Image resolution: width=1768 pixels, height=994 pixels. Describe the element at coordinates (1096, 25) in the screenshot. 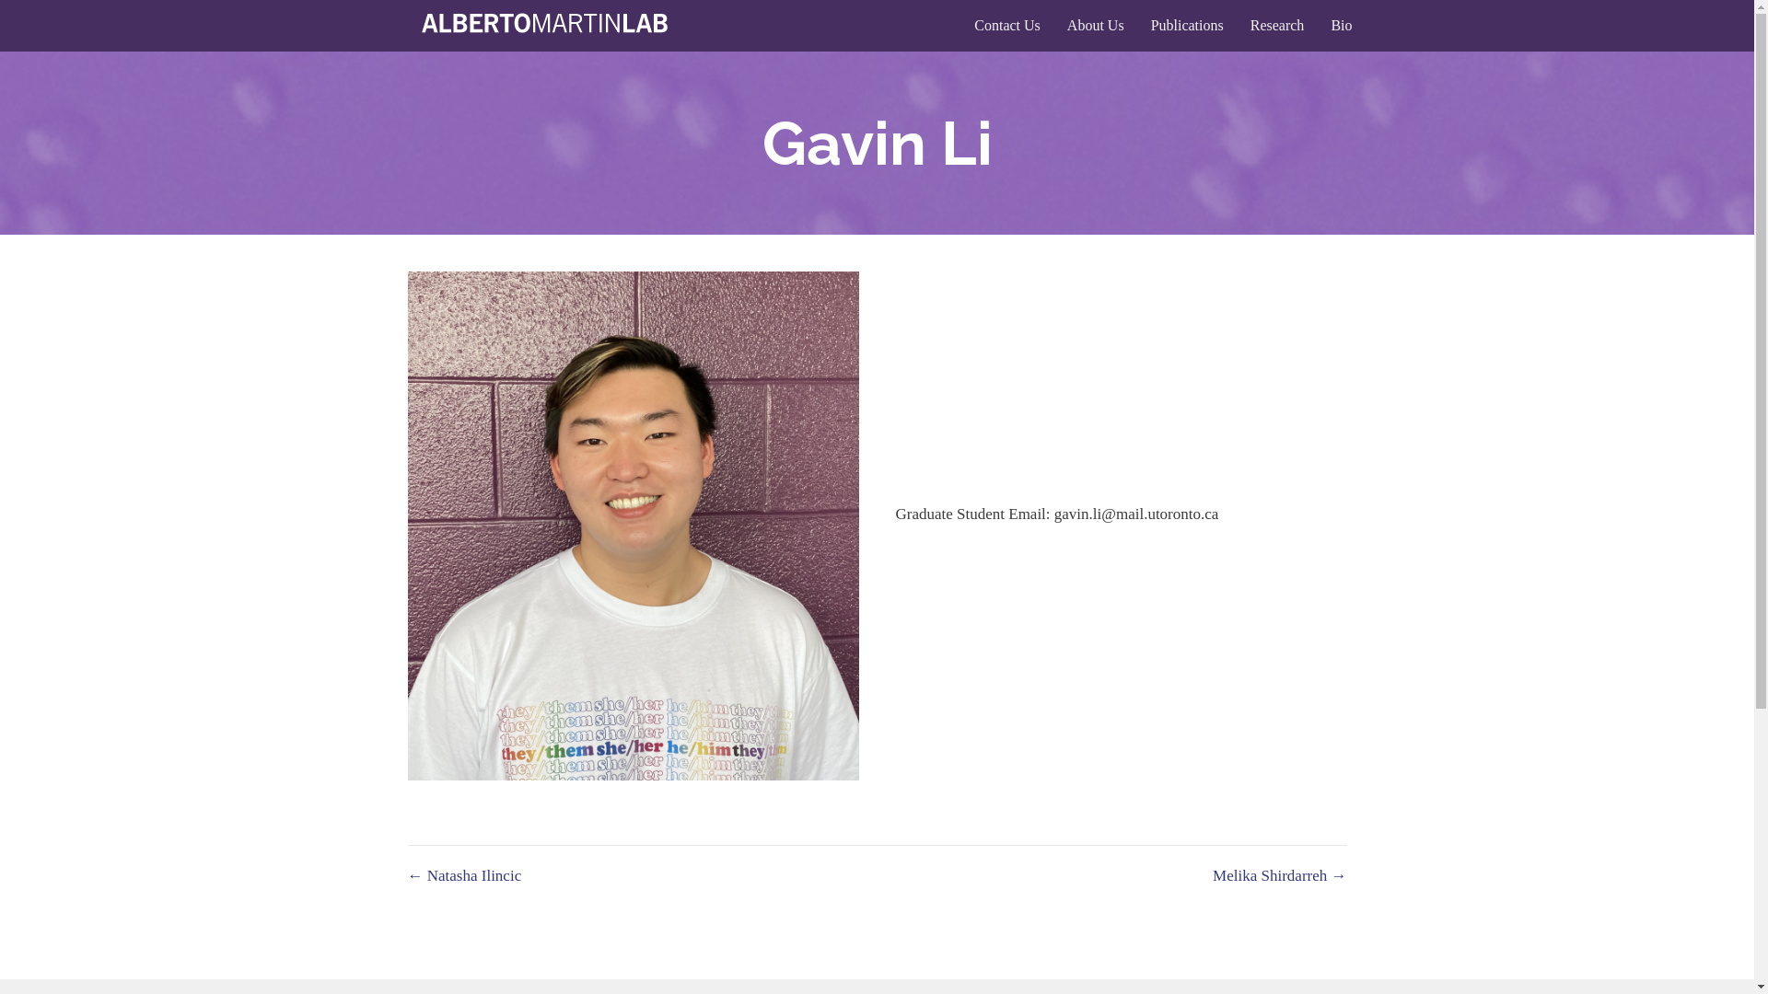

I see `'About Us'` at that location.